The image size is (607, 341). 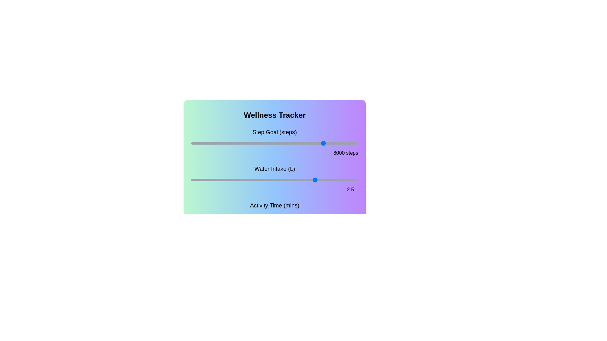 I want to click on the step goal slider to set the goal to 6682 steps, so click(x=302, y=143).